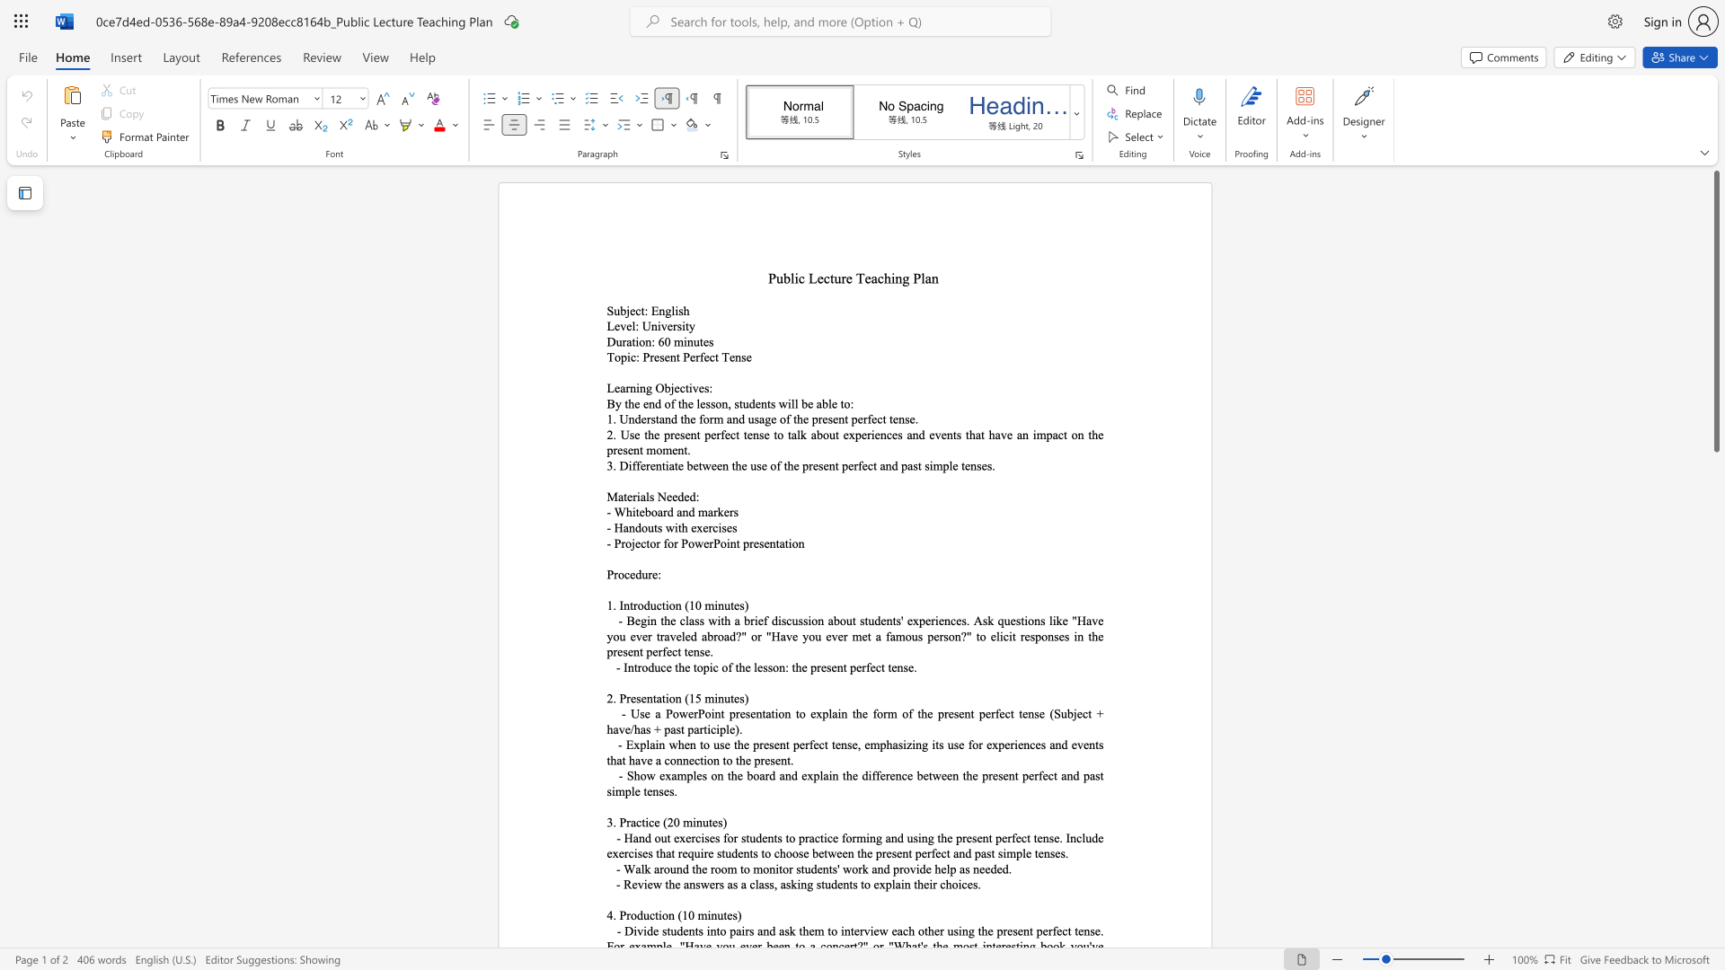  What do you see at coordinates (1715, 763) in the screenshot?
I see `the scrollbar to move the page down` at bounding box center [1715, 763].